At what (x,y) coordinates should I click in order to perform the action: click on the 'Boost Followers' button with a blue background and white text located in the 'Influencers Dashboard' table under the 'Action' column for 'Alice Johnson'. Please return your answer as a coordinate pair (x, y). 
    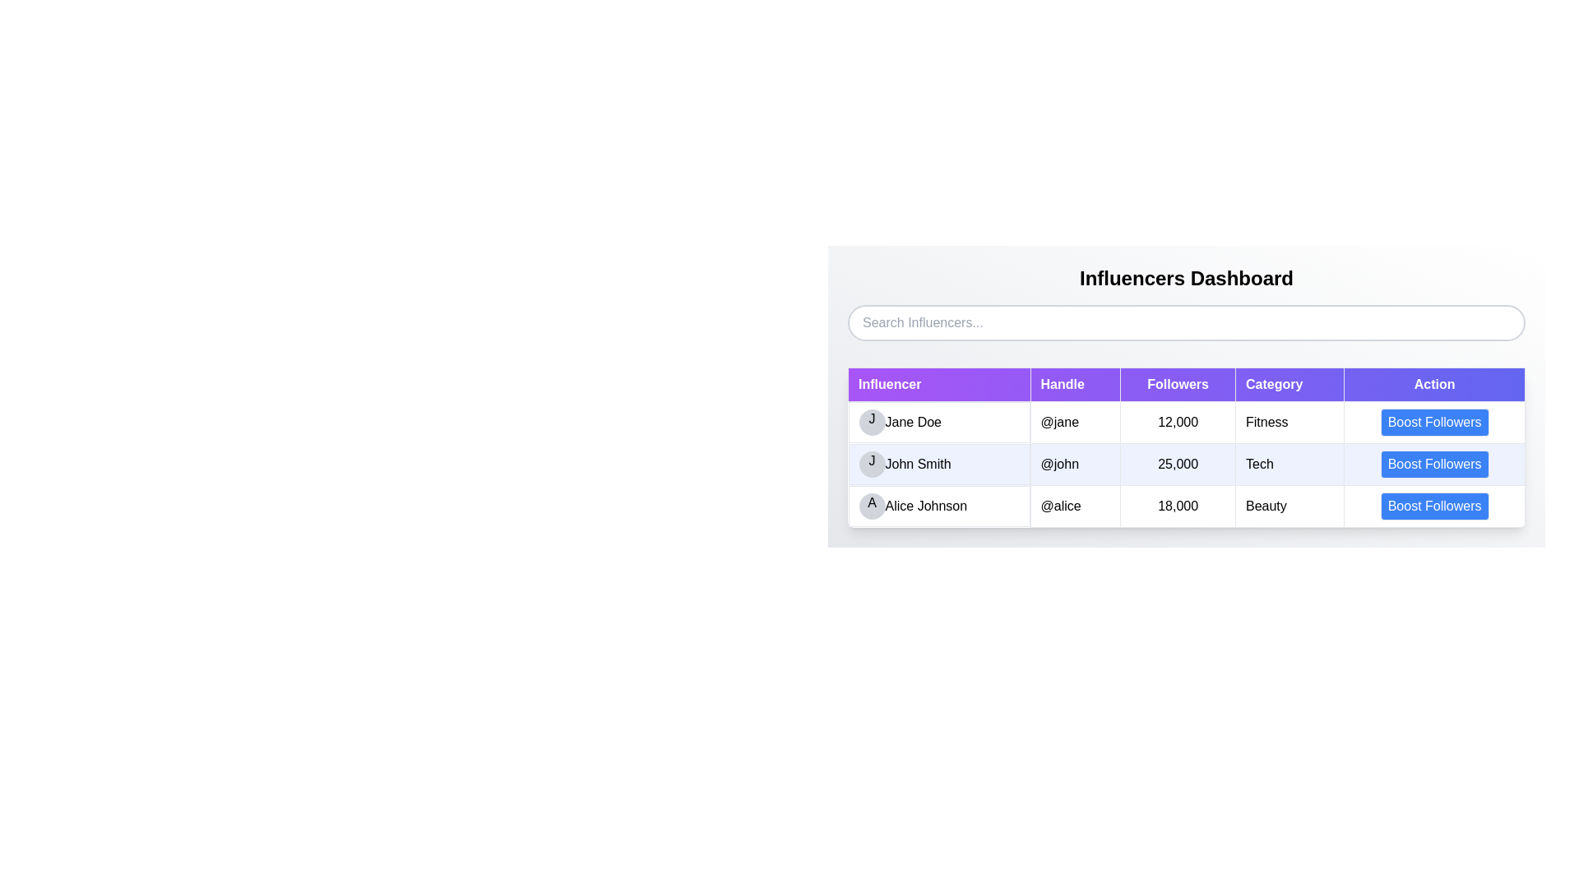
    Looking at the image, I should click on (1433, 506).